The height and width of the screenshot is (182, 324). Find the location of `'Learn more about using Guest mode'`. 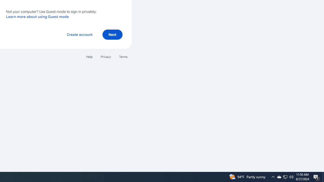

'Learn more about using Guest mode' is located at coordinates (37, 16).